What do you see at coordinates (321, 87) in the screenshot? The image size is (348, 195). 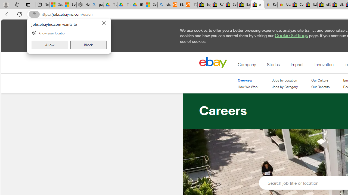 I see `'Our Benefits'` at bounding box center [321, 87].